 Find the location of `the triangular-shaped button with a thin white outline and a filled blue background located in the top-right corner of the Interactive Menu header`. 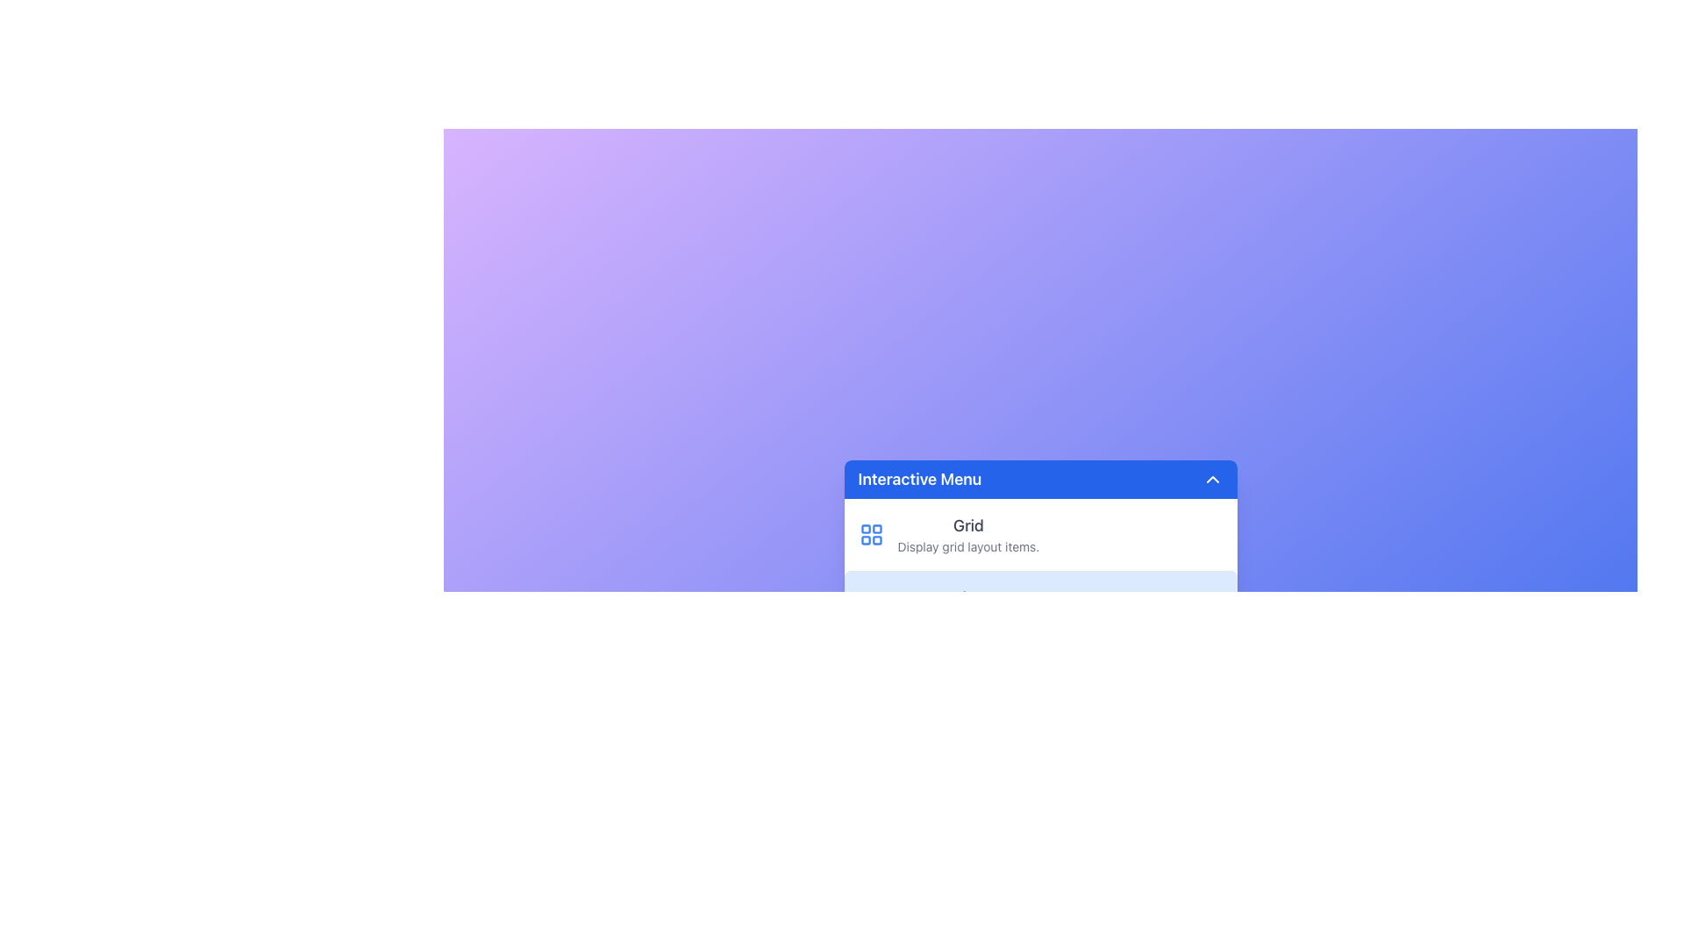

the triangular-shaped button with a thin white outline and a filled blue background located in the top-right corner of the Interactive Menu header is located at coordinates (1211, 480).